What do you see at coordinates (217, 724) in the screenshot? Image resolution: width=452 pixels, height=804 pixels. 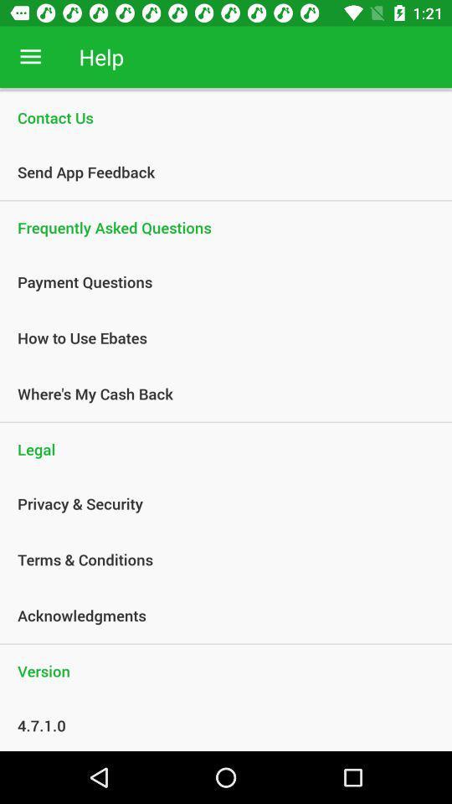 I see `the 4 7 1 icon` at bounding box center [217, 724].